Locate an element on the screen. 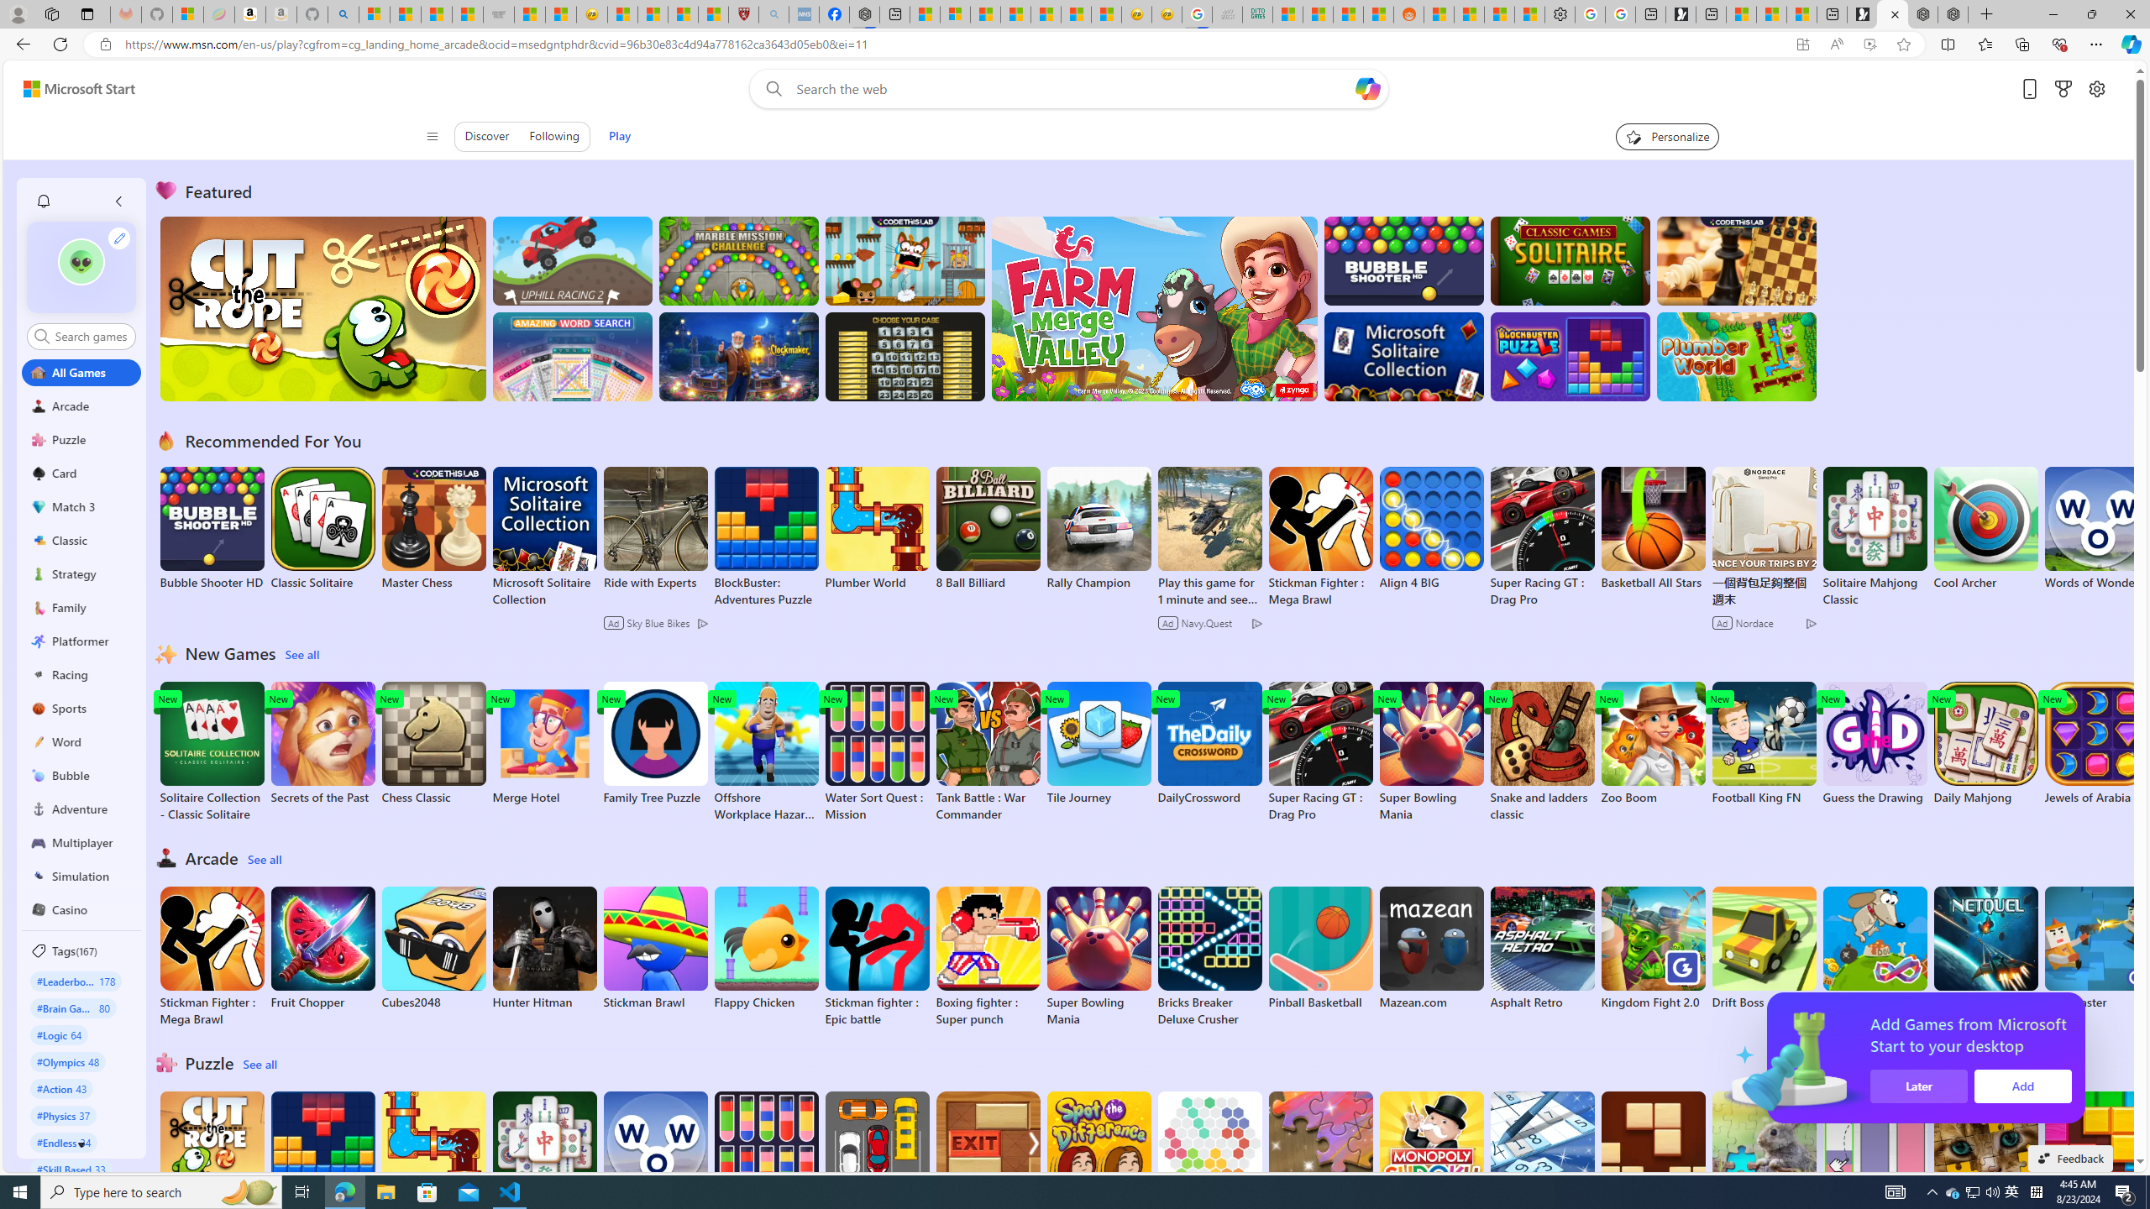  'Combat Siege' is located at coordinates (497, 13).